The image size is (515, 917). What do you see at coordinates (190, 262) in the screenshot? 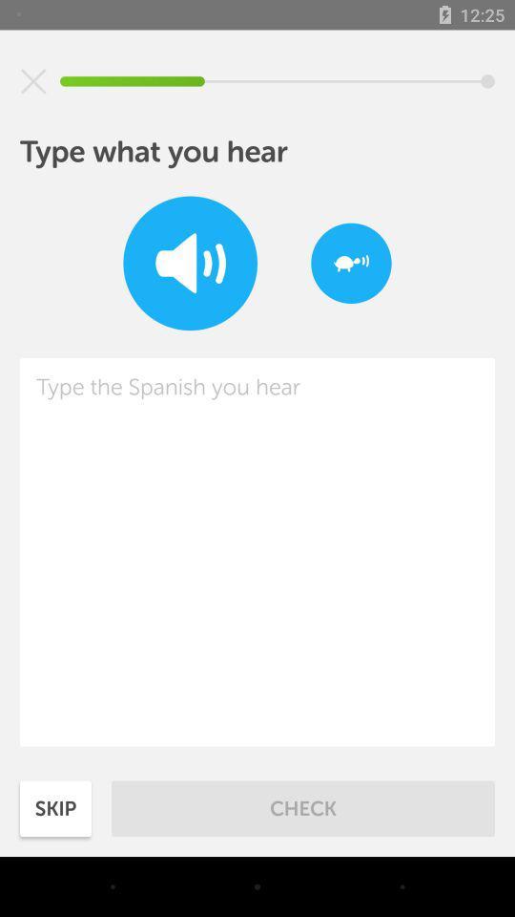
I see `volume` at bounding box center [190, 262].